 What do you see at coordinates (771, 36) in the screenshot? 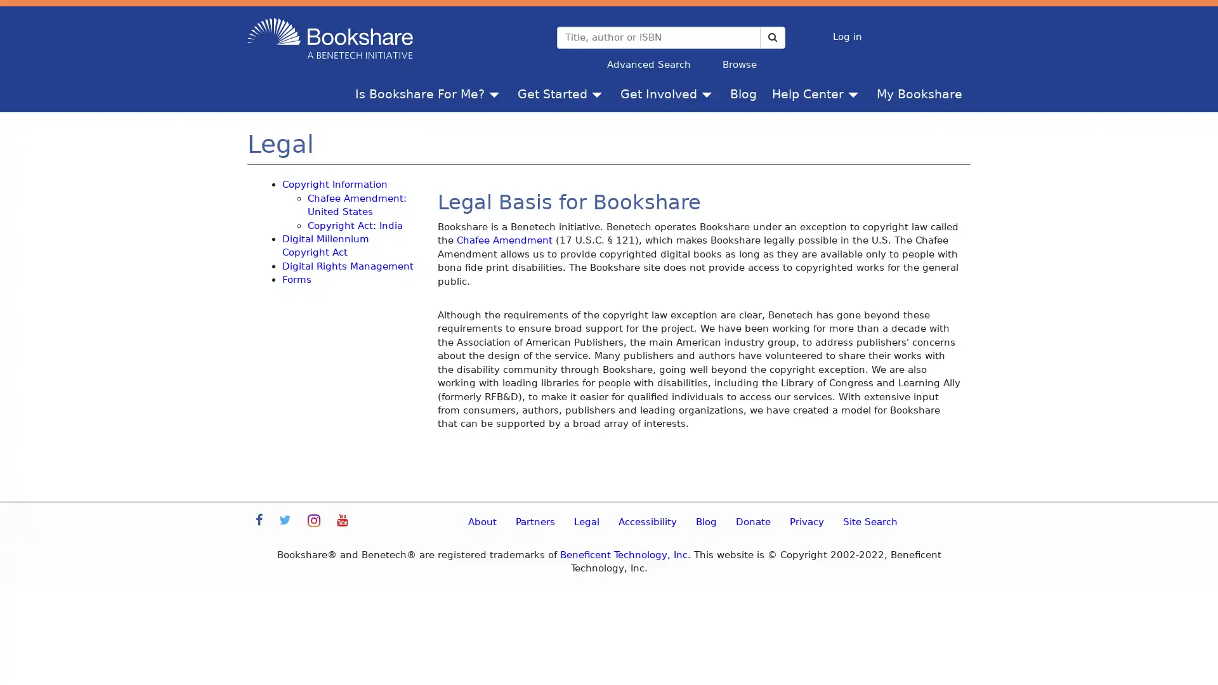
I see `Search` at bounding box center [771, 36].